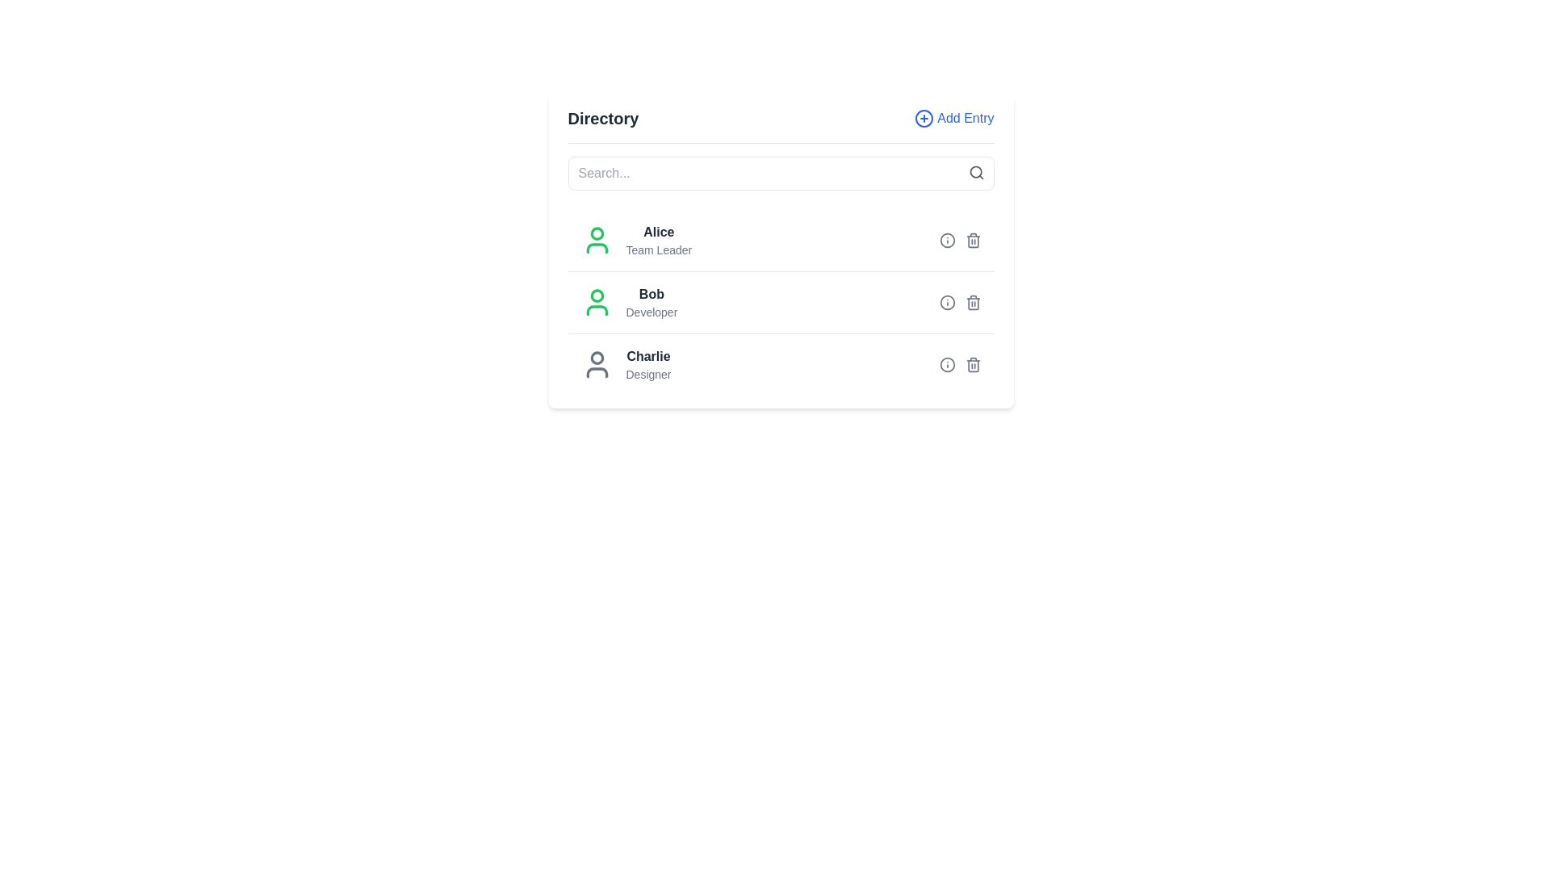 This screenshot has height=872, width=1550. I want to click on the Text label displaying the user's name 'Bob' in the directory entry, located above the role 'Developer', so click(651, 295).